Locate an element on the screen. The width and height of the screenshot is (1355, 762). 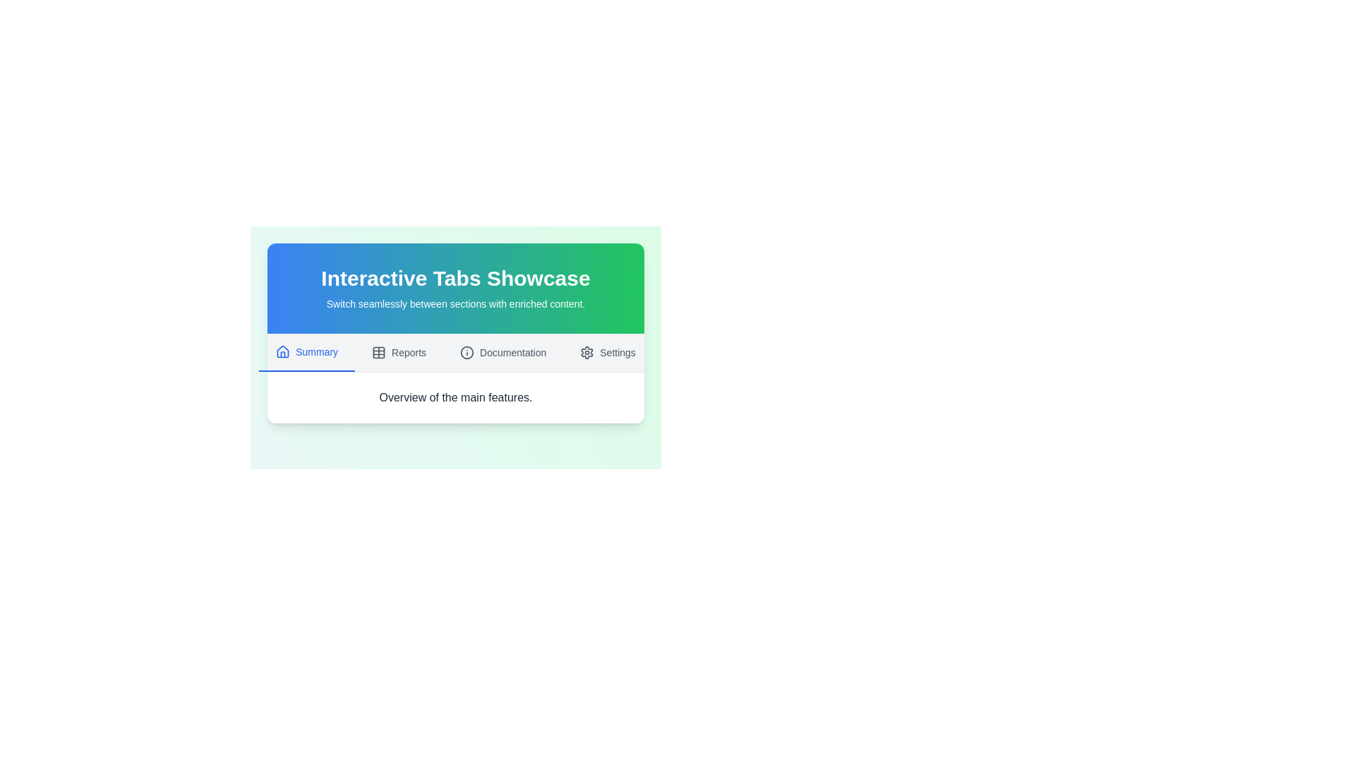
the first navigation tab labeled 'Summary' is located at coordinates (306, 352).